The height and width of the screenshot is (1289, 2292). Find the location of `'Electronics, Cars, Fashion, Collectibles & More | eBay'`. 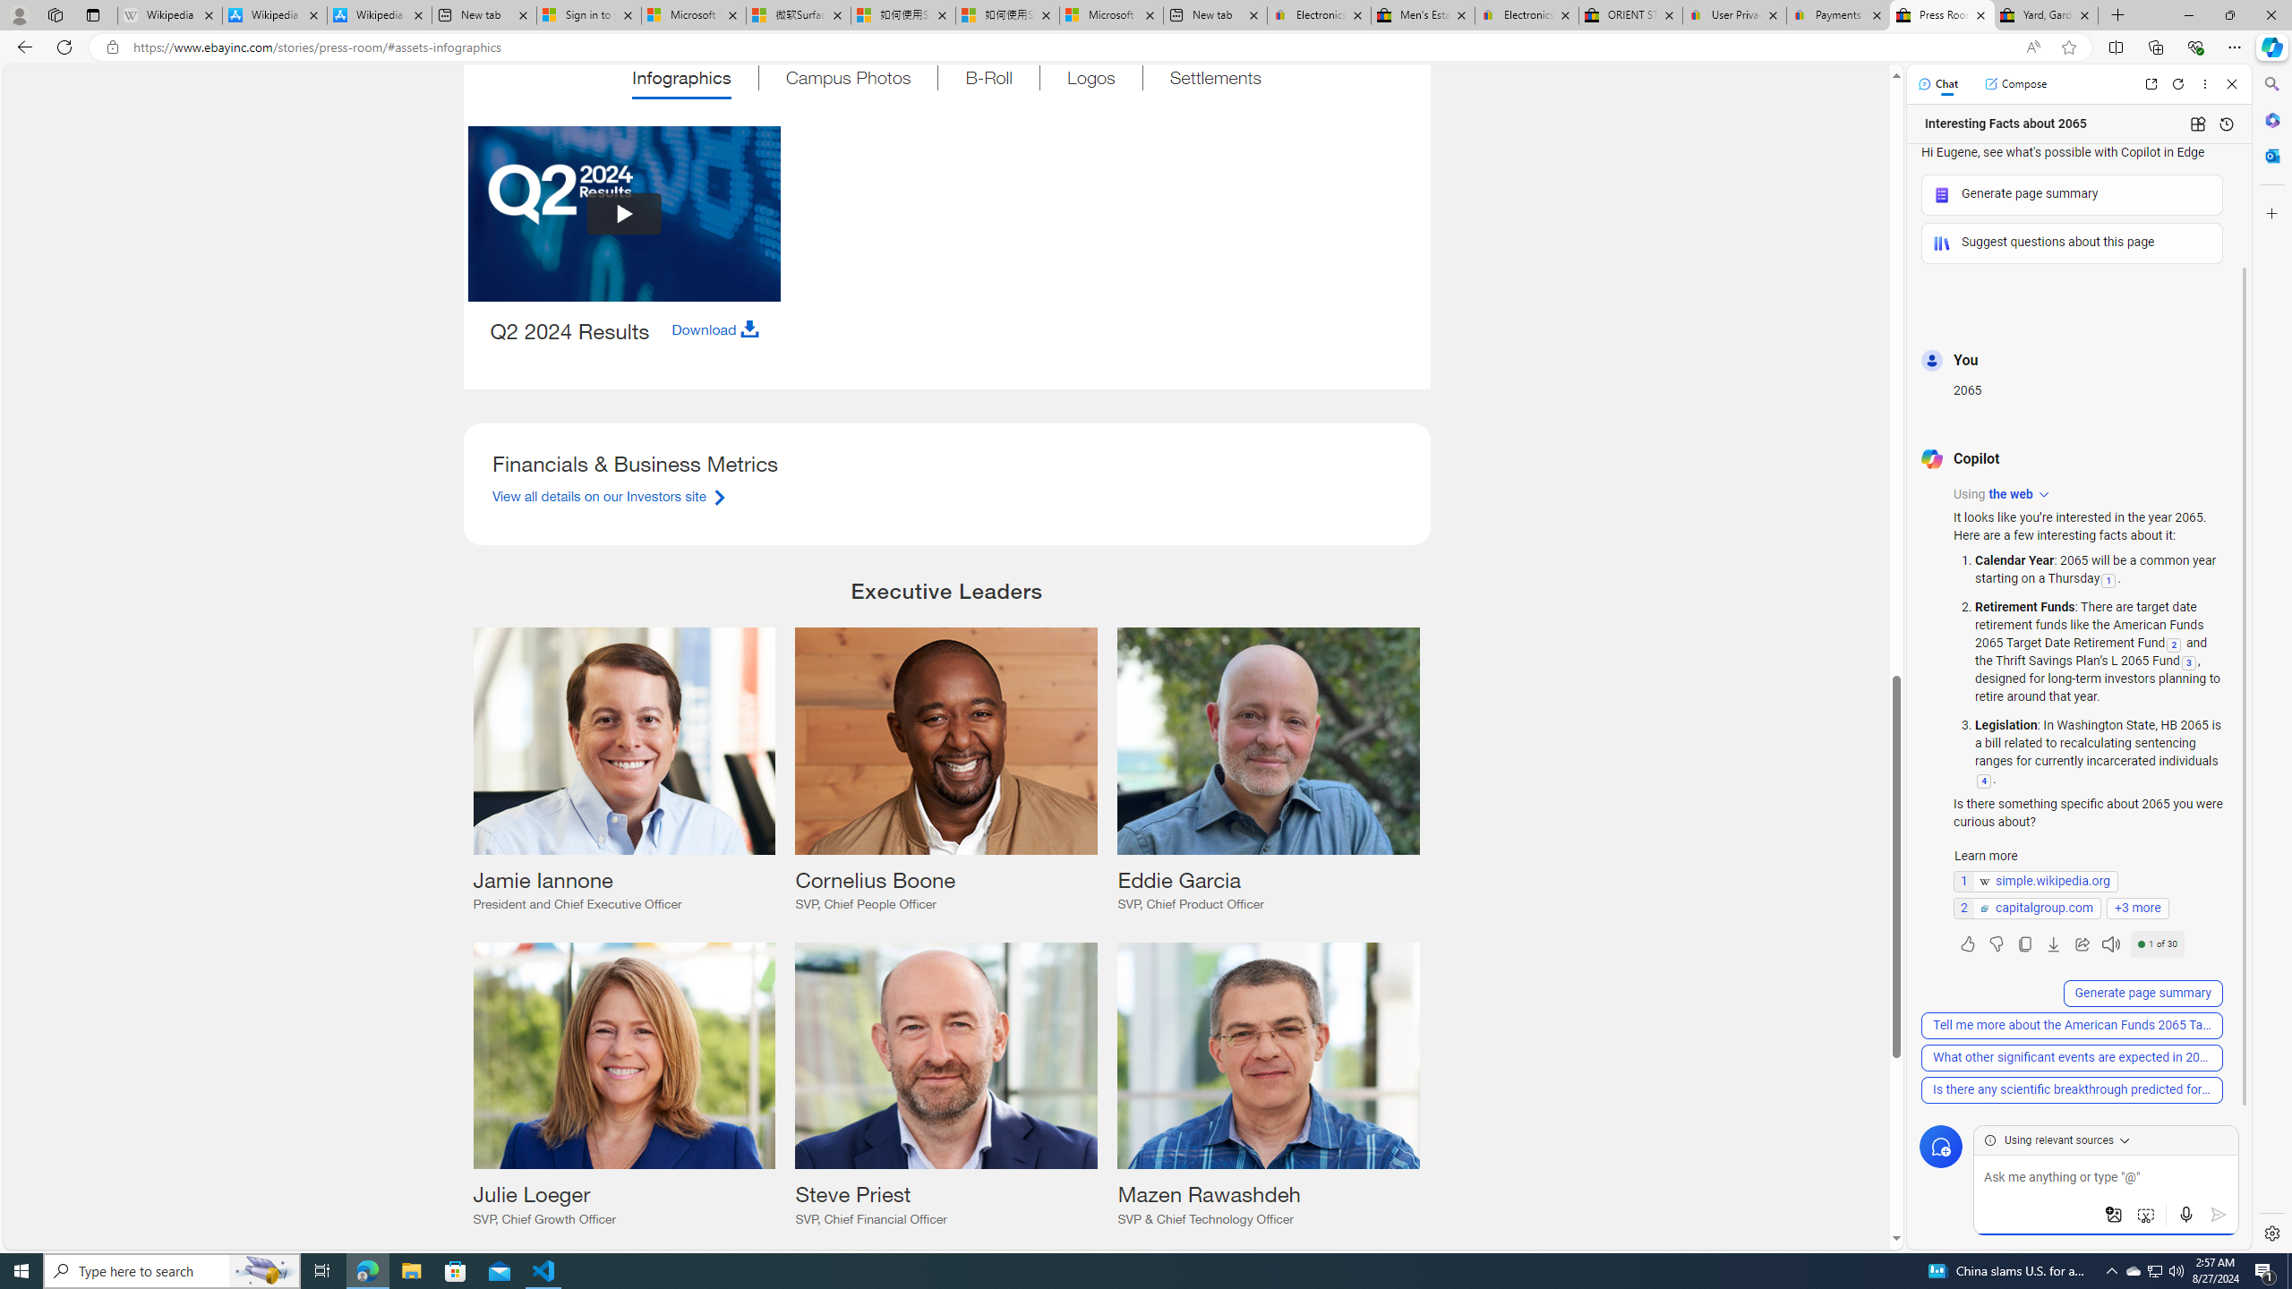

'Electronics, Cars, Fashion, Collectibles & More | eBay' is located at coordinates (1525, 14).